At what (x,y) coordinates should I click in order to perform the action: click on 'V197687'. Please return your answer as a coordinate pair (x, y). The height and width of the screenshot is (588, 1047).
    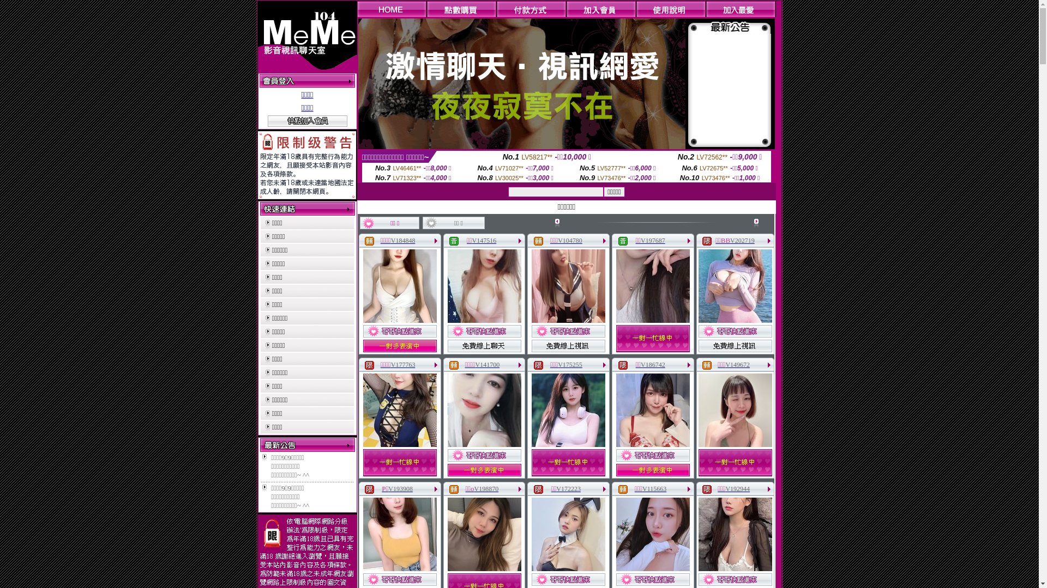
    Looking at the image, I should click on (653, 240).